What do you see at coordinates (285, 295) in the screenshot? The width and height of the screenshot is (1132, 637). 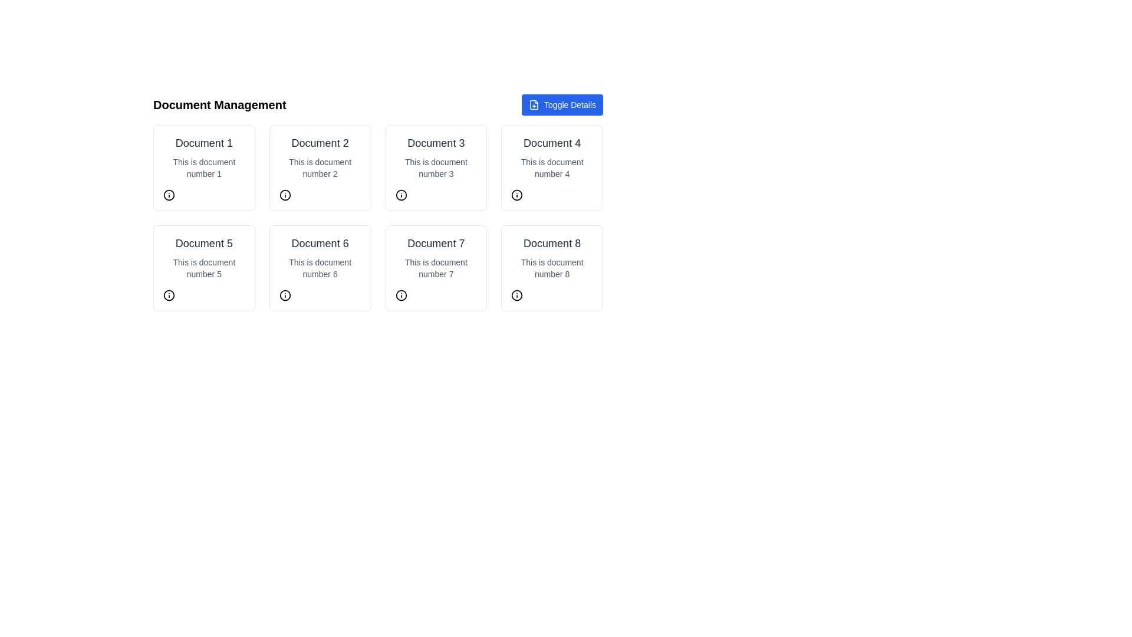 I see `the circular information icon located at the bottom of the 'Document 6' card, which is centered below the descriptive text` at bounding box center [285, 295].